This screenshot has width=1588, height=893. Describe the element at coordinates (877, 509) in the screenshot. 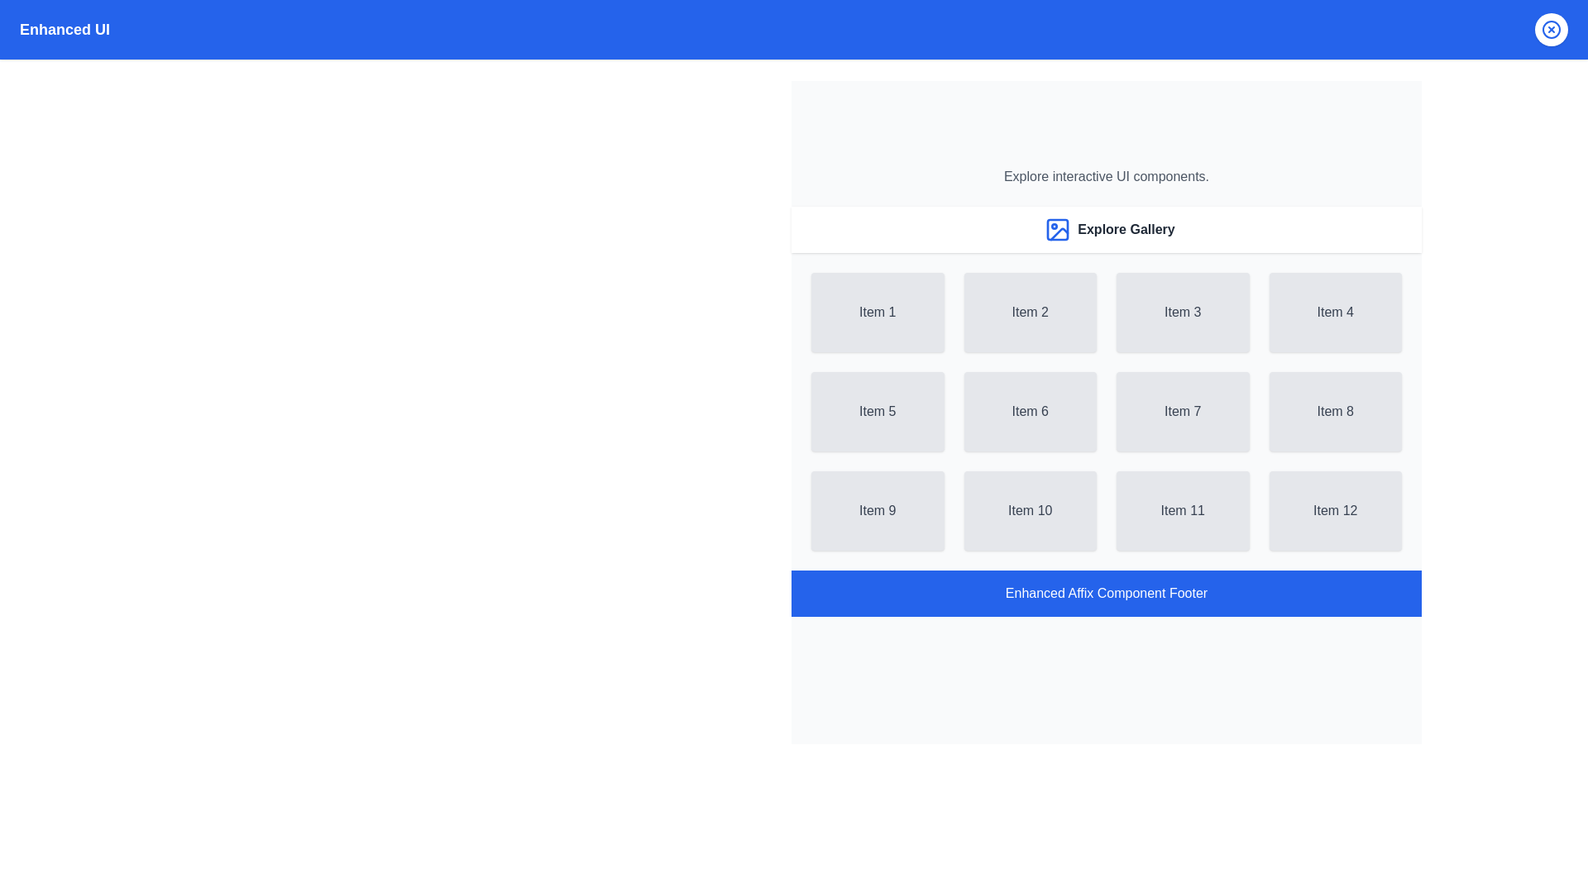

I see `the gray rectangular box with rounded corners containing the text 'Item 9', which is located in the third row and first column of a 4x3 grid layout` at that location.